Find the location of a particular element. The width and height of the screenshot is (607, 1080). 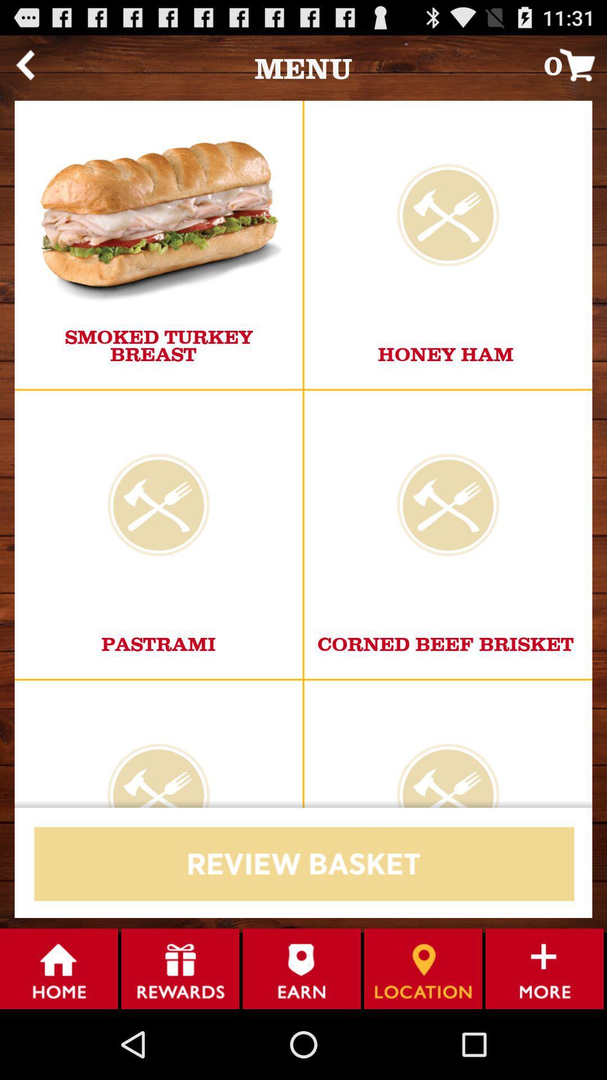

0 is located at coordinates (575, 64).